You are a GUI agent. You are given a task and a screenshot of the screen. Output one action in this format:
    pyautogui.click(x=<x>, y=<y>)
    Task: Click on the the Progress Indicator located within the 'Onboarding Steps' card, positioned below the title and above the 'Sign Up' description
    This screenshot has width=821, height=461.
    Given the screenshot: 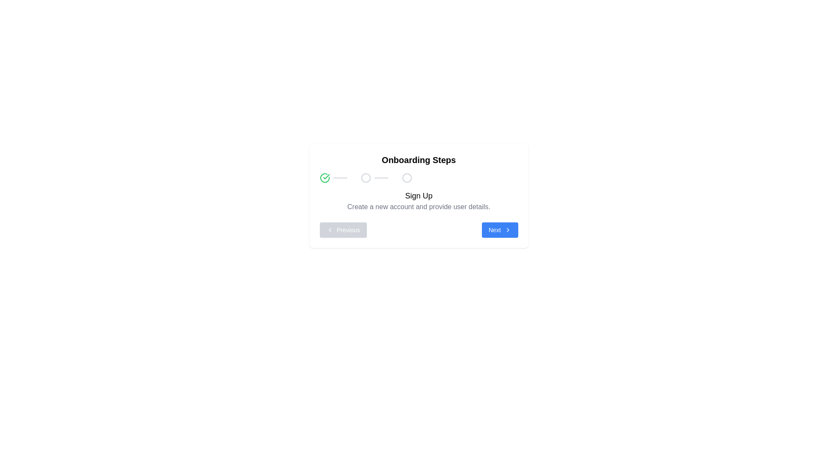 What is the action you would take?
    pyautogui.click(x=419, y=177)
    